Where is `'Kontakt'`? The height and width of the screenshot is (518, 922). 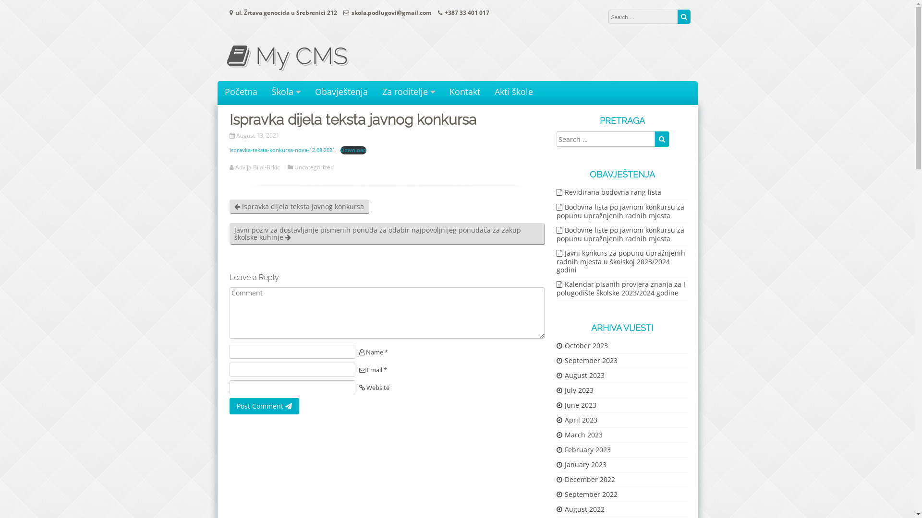 'Kontakt' is located at coordinates (449, 92).